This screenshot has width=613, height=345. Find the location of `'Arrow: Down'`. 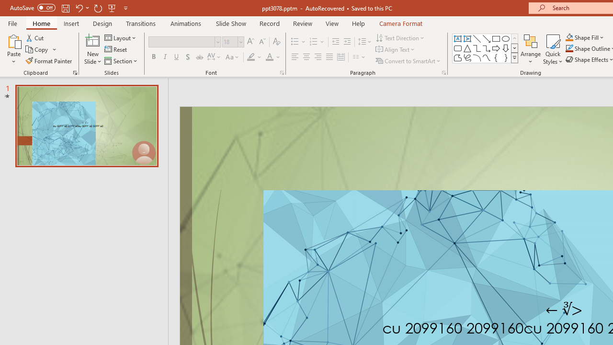

'Arrow: Down' is located at coordinates (505, 48).